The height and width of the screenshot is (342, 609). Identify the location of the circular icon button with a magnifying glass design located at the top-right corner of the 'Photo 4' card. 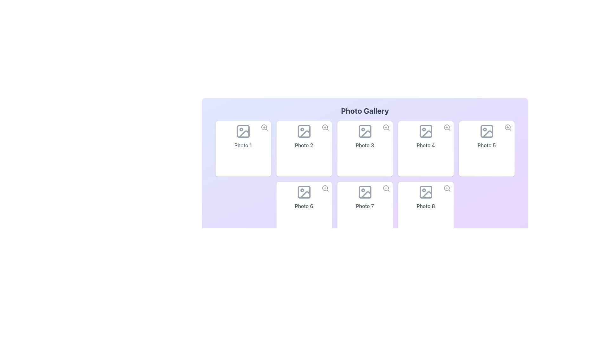
(447, 127).